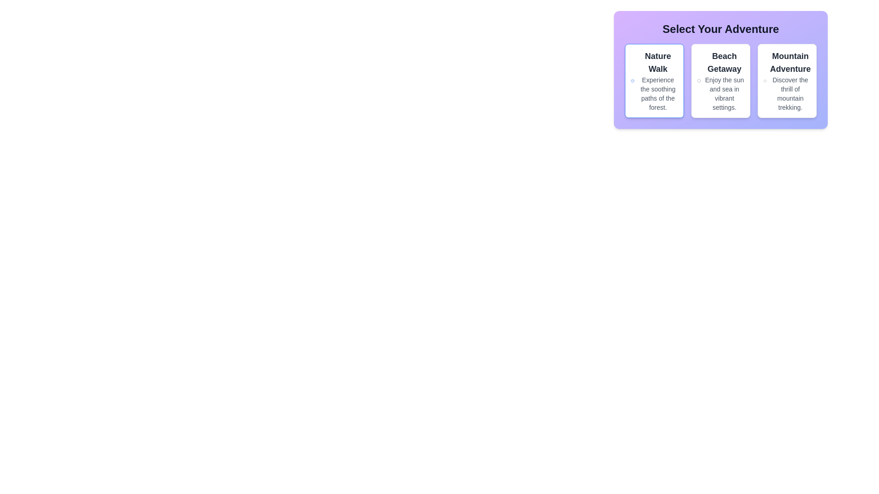  What do you see at coordinates (724, 81) in the screenshot?
I see `the descriptive text block for the 'Beach Getaway' option located centrally between 'Nature Walk' and 'Mountain Adventure' under the 'Select Your Adventure' heading` at bounding box center [724, 81].